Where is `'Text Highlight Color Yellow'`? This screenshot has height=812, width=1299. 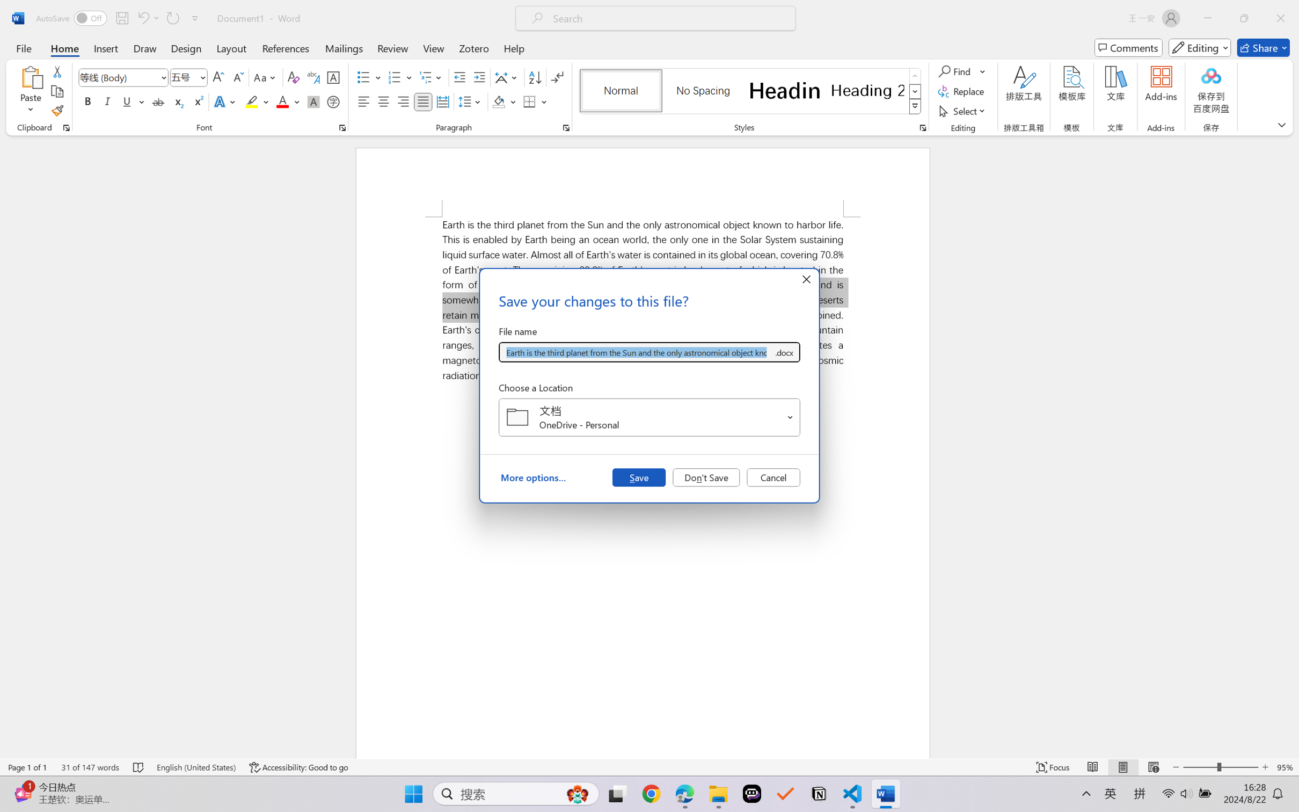
'Text Highlight Color Yellow' is located at coordinates (251, 101).